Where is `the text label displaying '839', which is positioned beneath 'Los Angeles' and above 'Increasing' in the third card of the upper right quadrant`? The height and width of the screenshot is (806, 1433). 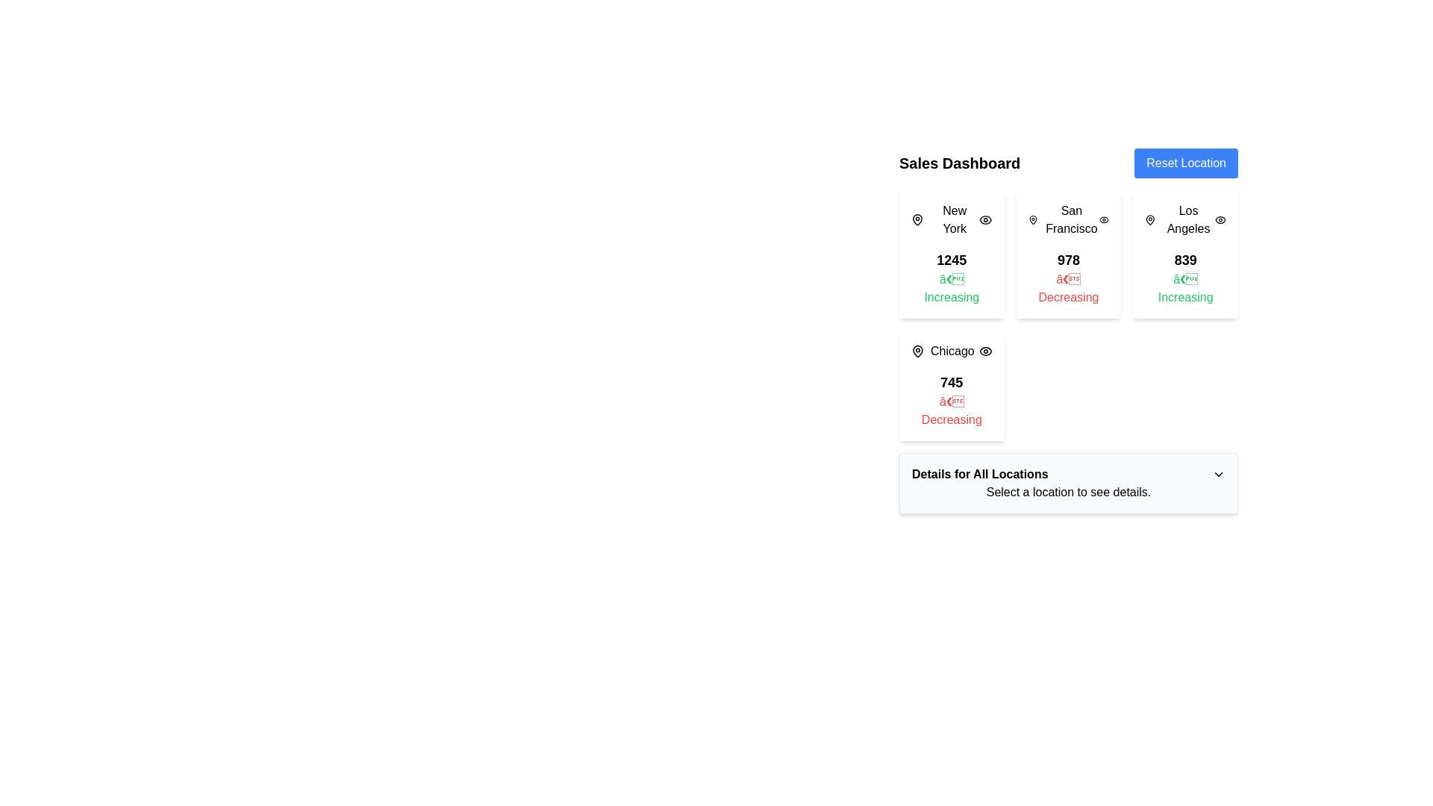
the text label displaying '839', which is positioned beneath 'Los Angeles' and above 'Increasing' in the third card of the upper right quadrant is located at coordinates (1184, 259).